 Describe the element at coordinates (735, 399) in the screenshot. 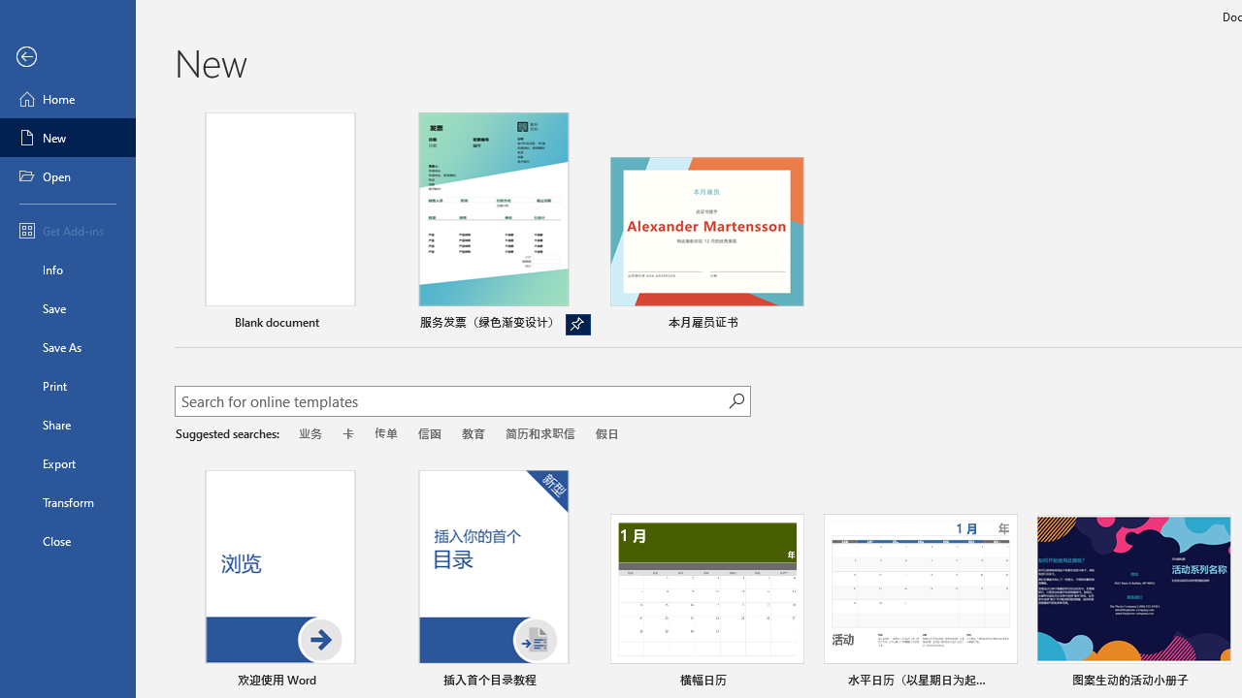

I see `'Start searching'` at that location.